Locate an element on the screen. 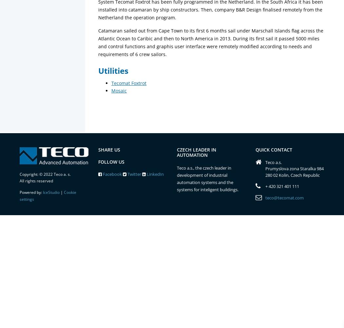 The height and width of the screenshot is (328, 344). 'Mosaic' is located at coordinates (119, 91).